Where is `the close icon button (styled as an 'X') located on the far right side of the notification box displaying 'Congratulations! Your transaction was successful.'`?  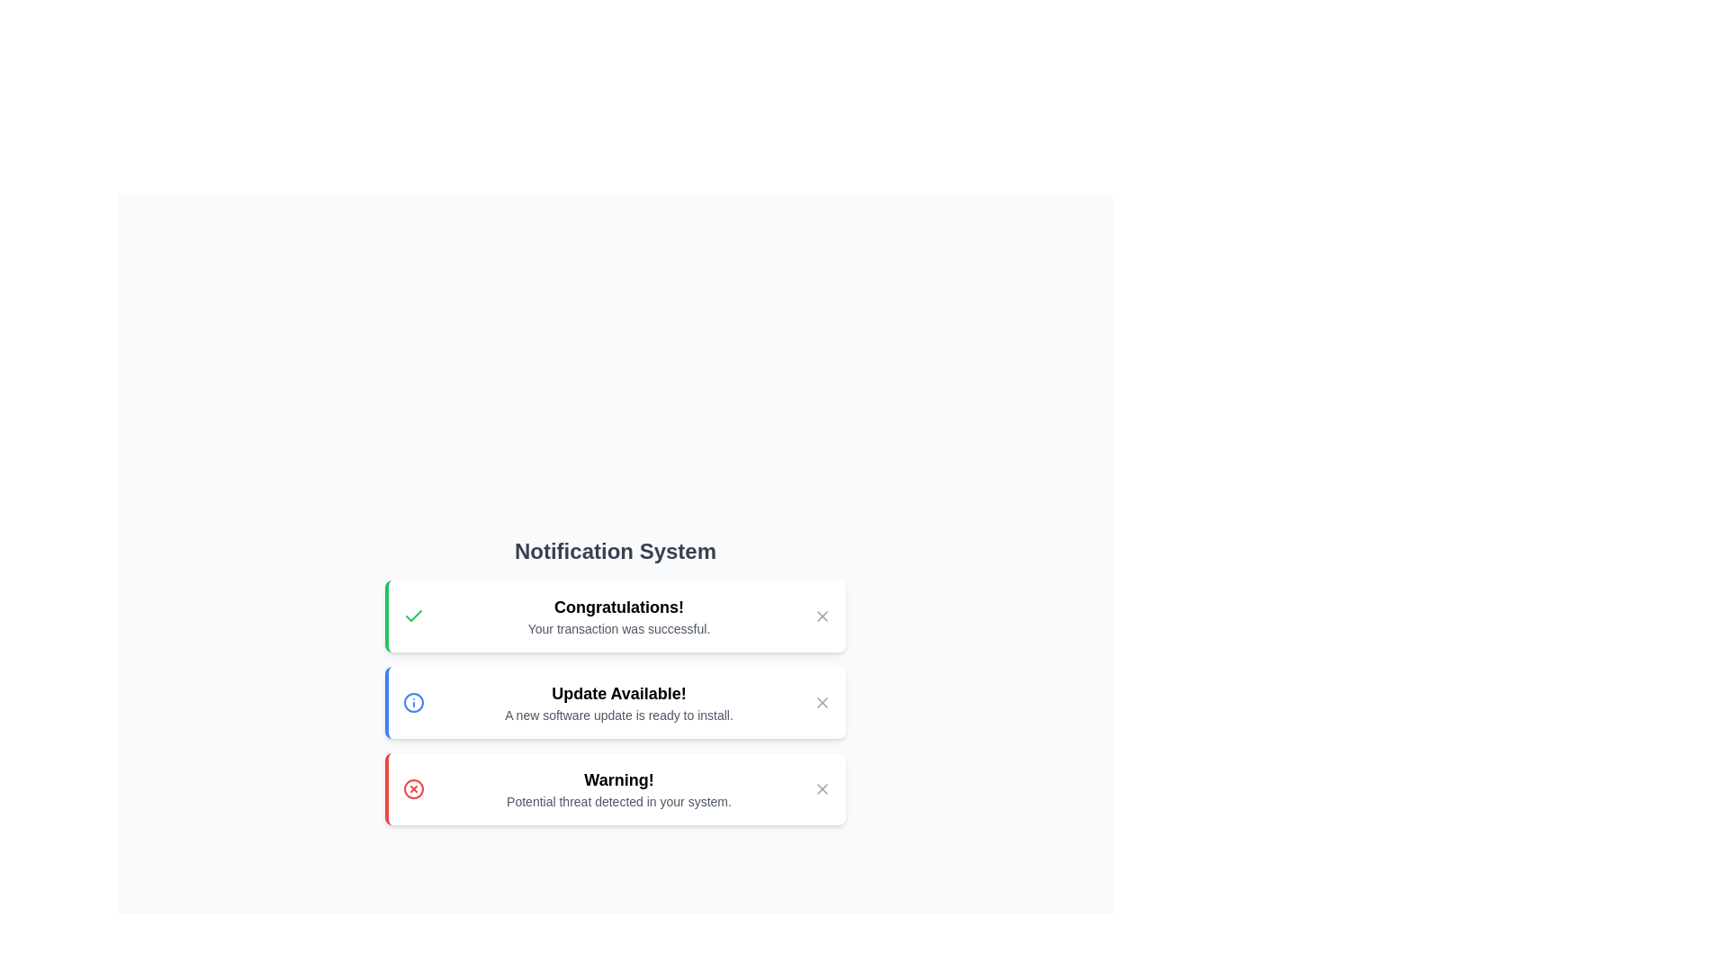 the close icon button (styled as an 'X') located on the far right side of the notification box displaying 'Congratulations! Your transaction was successful.' is located at coordinates (821, 616).